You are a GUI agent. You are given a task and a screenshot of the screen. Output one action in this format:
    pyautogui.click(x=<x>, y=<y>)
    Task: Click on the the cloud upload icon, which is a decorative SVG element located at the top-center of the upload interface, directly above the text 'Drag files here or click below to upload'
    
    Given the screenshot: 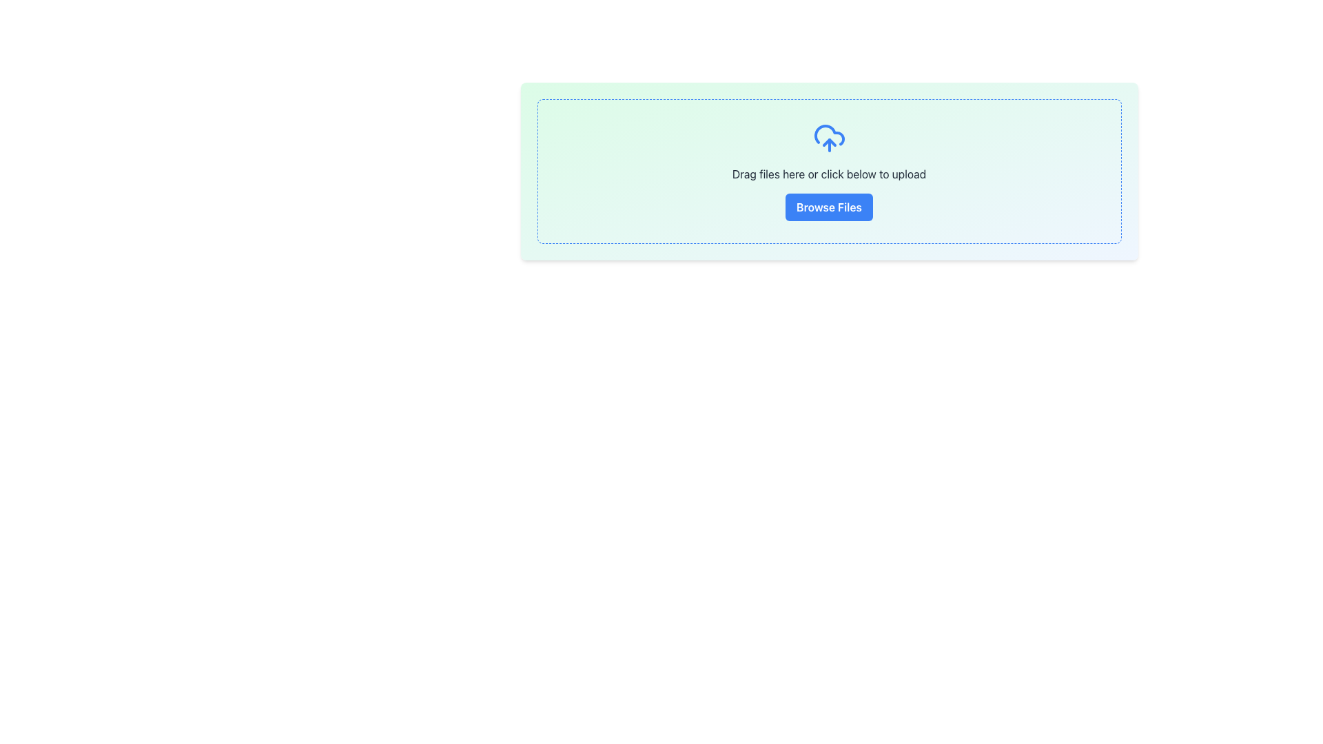 What is the action you would take?
    pyautogui.click(x=828, y=135)
    